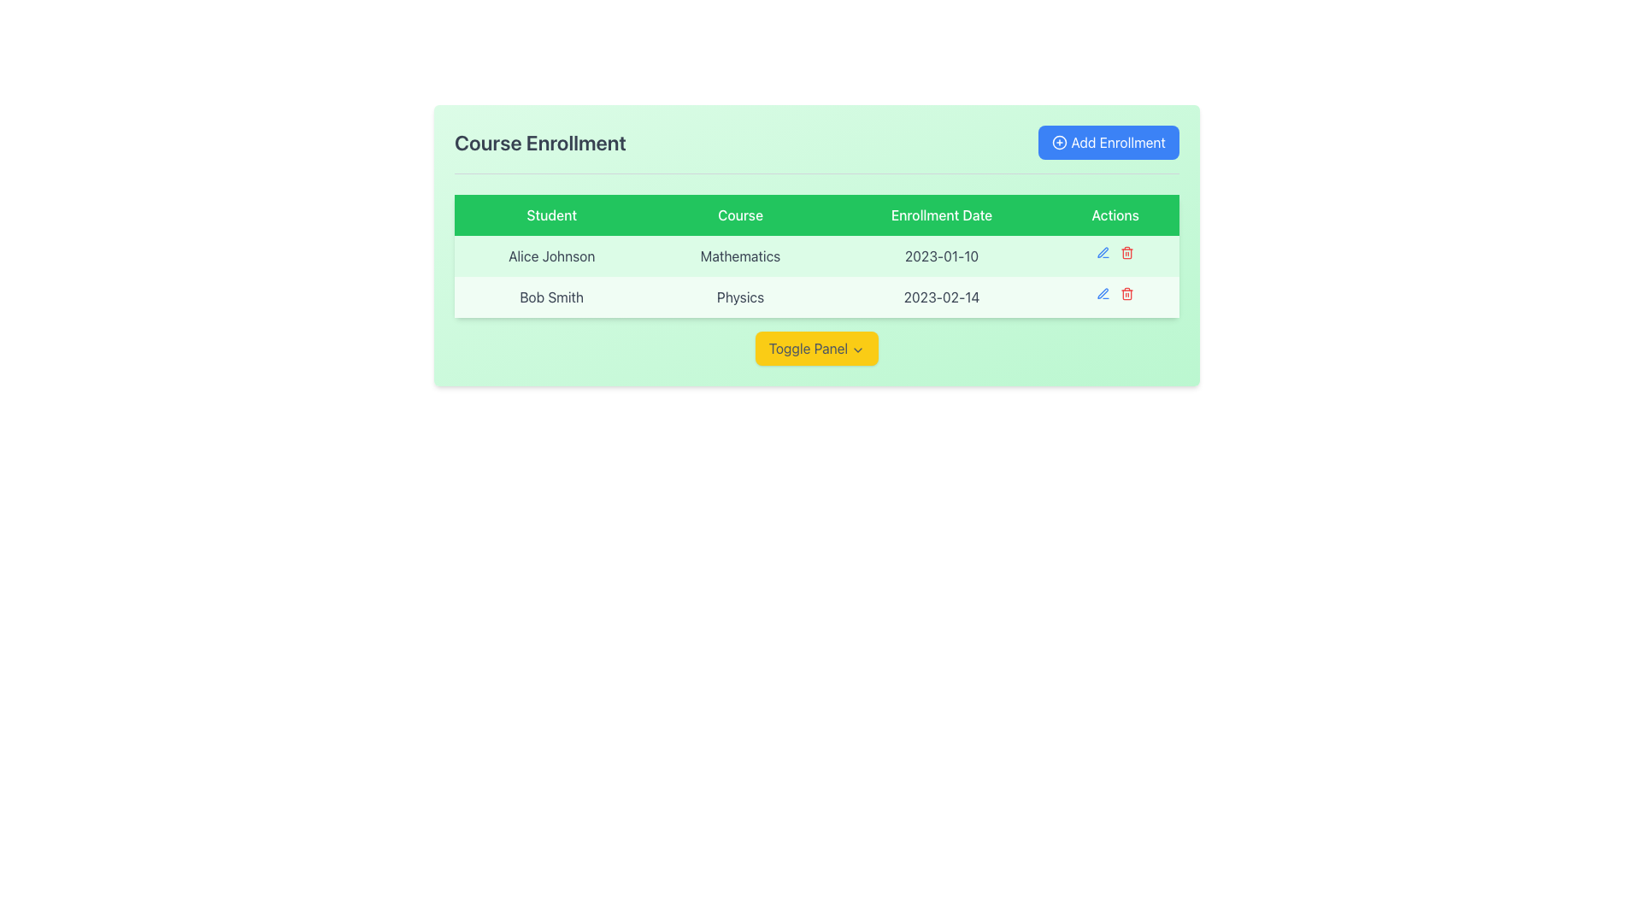  I want to click on the rectangular button labeled 'Add Enrollment' with a blue background and a circular plus symbol, so click(1109, 141).